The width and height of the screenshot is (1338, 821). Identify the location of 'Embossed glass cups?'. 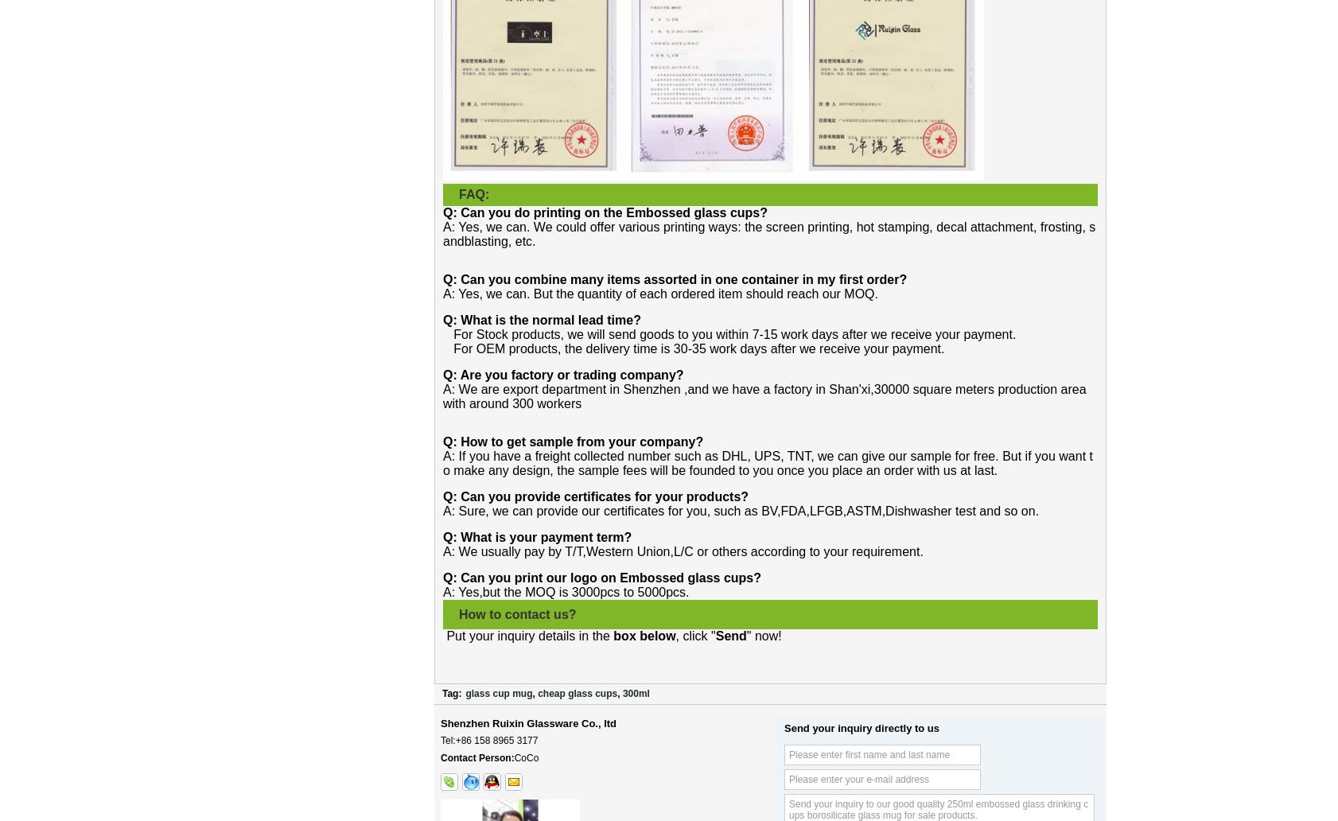
(695, 212).